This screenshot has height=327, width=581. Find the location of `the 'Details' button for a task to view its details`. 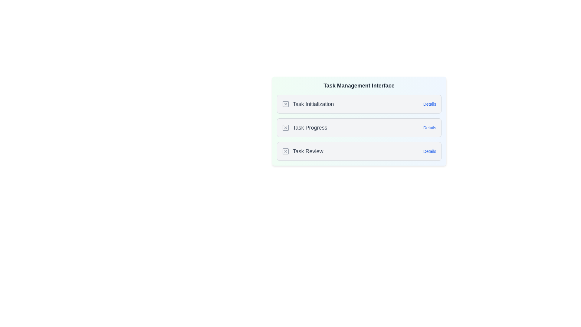

the 'Details' button for a task to view its details is located at coordinates (429, 104).